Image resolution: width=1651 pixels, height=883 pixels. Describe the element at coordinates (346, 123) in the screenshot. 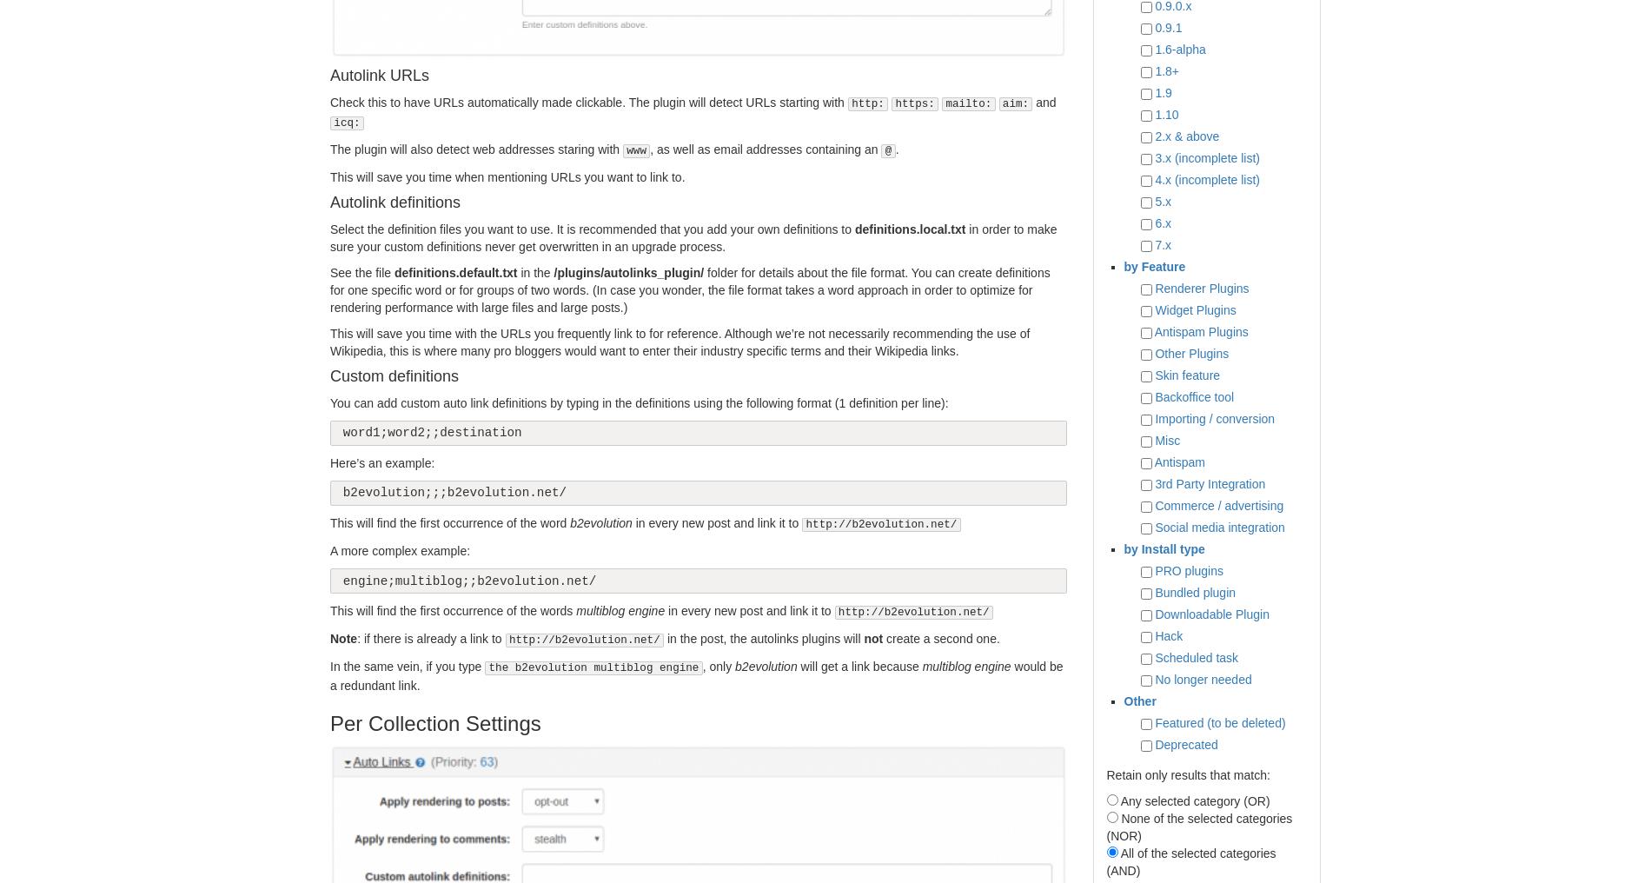

I see `'icq:'` at that location.